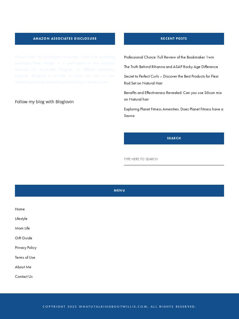 The image size is (239, 319). What do you see at coordinates (42, 306) in the screenshot?
I see `'COPYRIGHT 2022 WHATUTALKINGBOUTWILLIS.COM. ALL RIGHTS RESERVED.'` at bounding box center [42, 306].